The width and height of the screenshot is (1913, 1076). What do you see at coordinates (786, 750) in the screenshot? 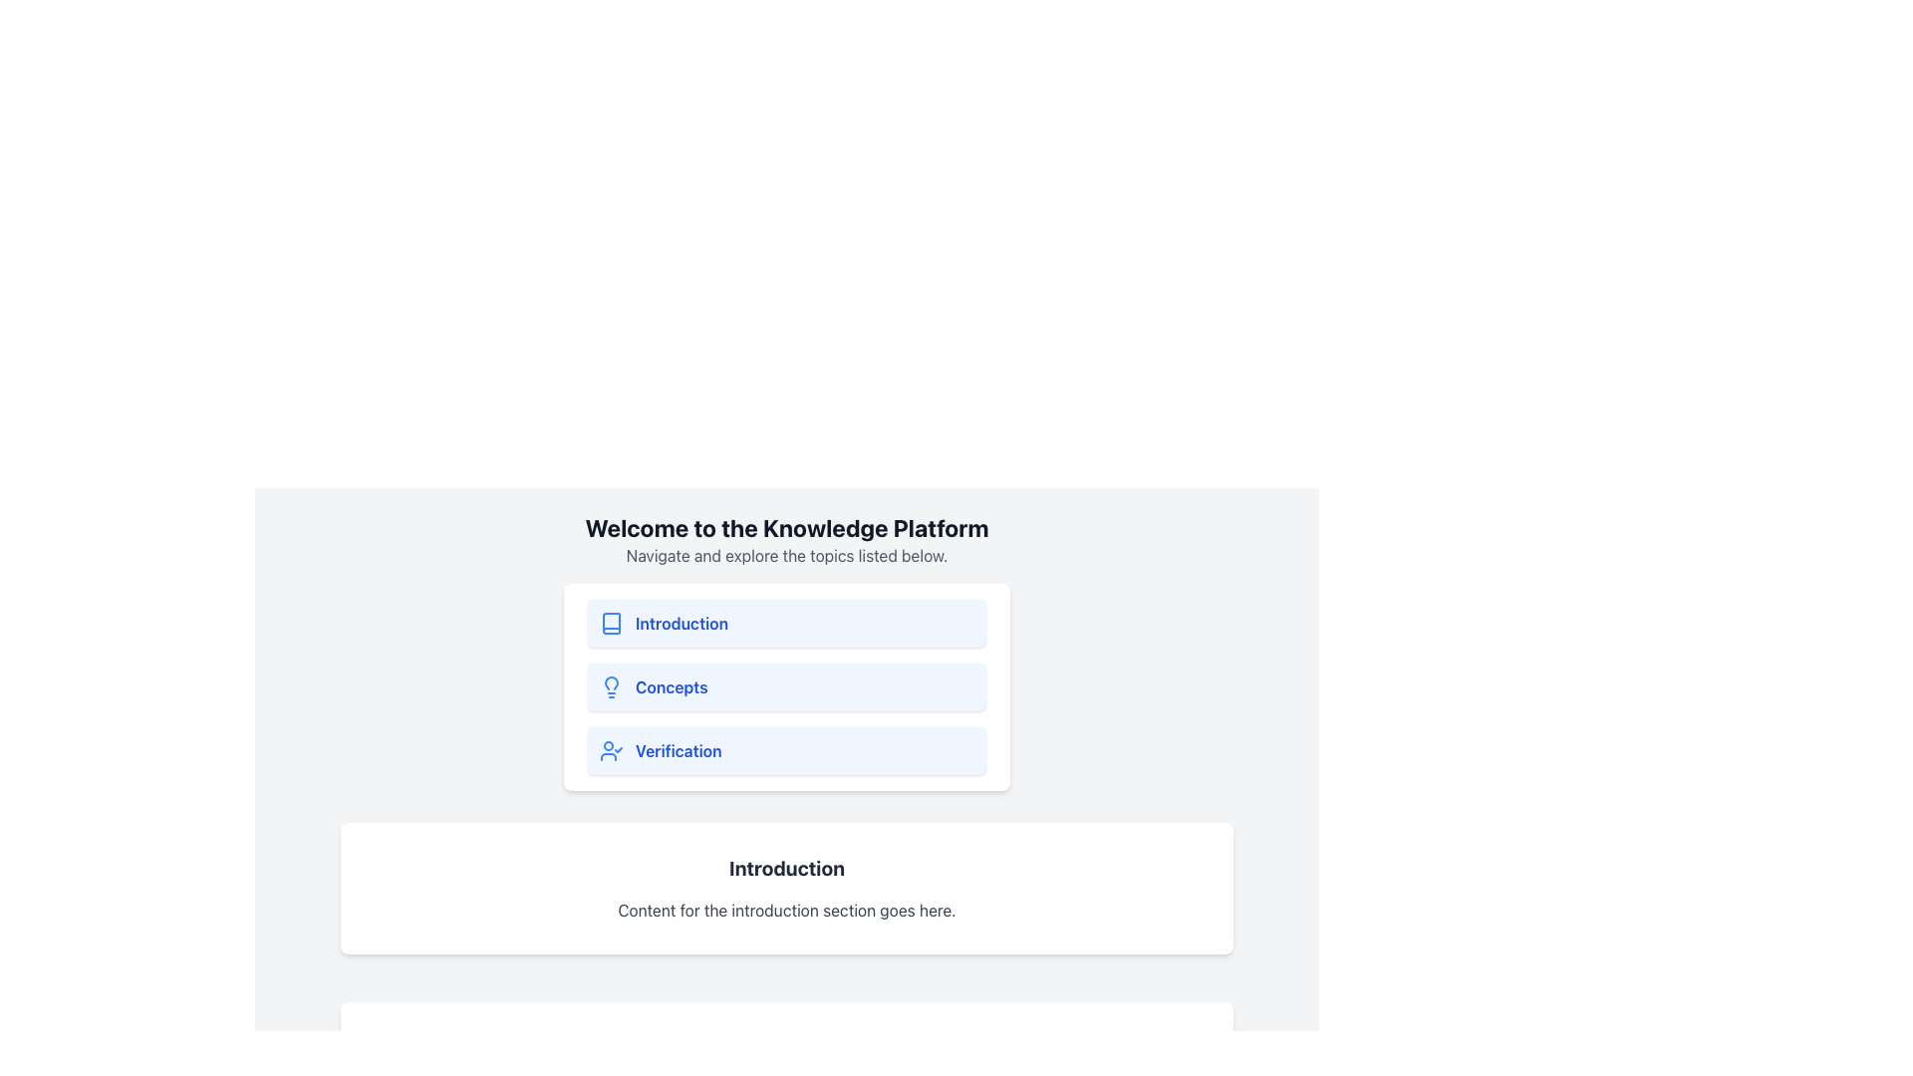
I see `the 'Verification' button, which is the third button in a vertical list` at bounding box center [786, 750].